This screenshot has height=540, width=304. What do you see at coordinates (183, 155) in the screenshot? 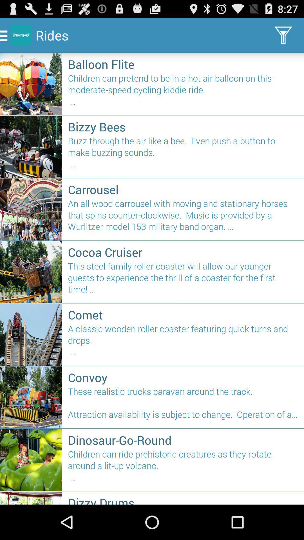
I see `buzz through the item` at bounding box center [183, 155].